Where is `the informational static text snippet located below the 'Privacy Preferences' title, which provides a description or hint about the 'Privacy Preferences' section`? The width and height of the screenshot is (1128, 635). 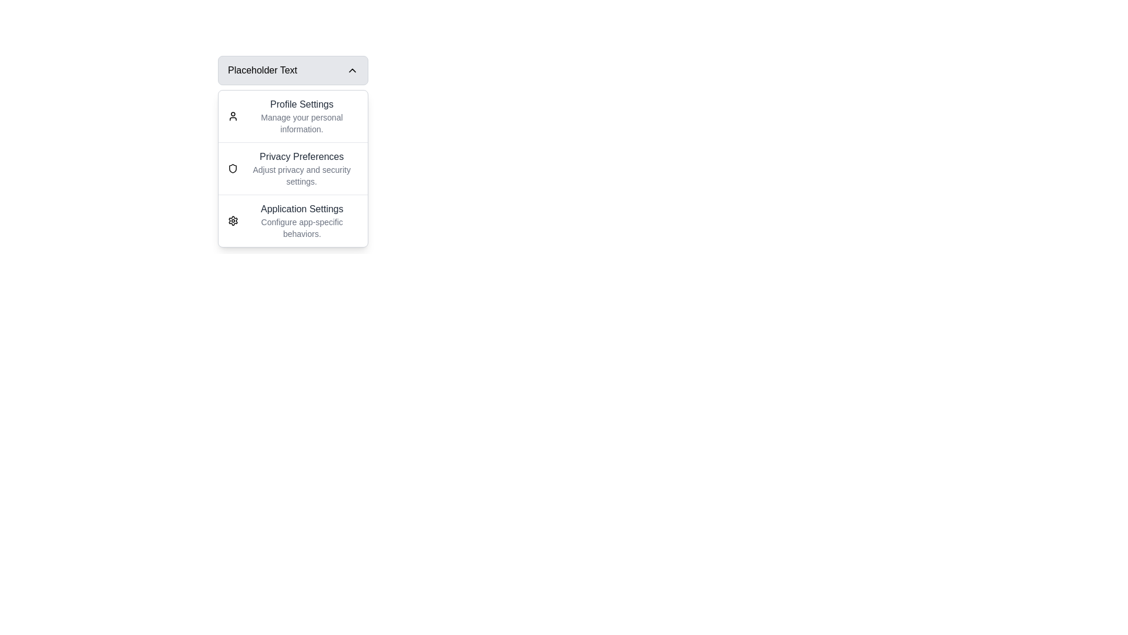 the informational static text snippet located below the 'Privacy Preferences' title, which provides a description or hint about the 'Privacy Preferences' section is located at coordinates (301, 176).